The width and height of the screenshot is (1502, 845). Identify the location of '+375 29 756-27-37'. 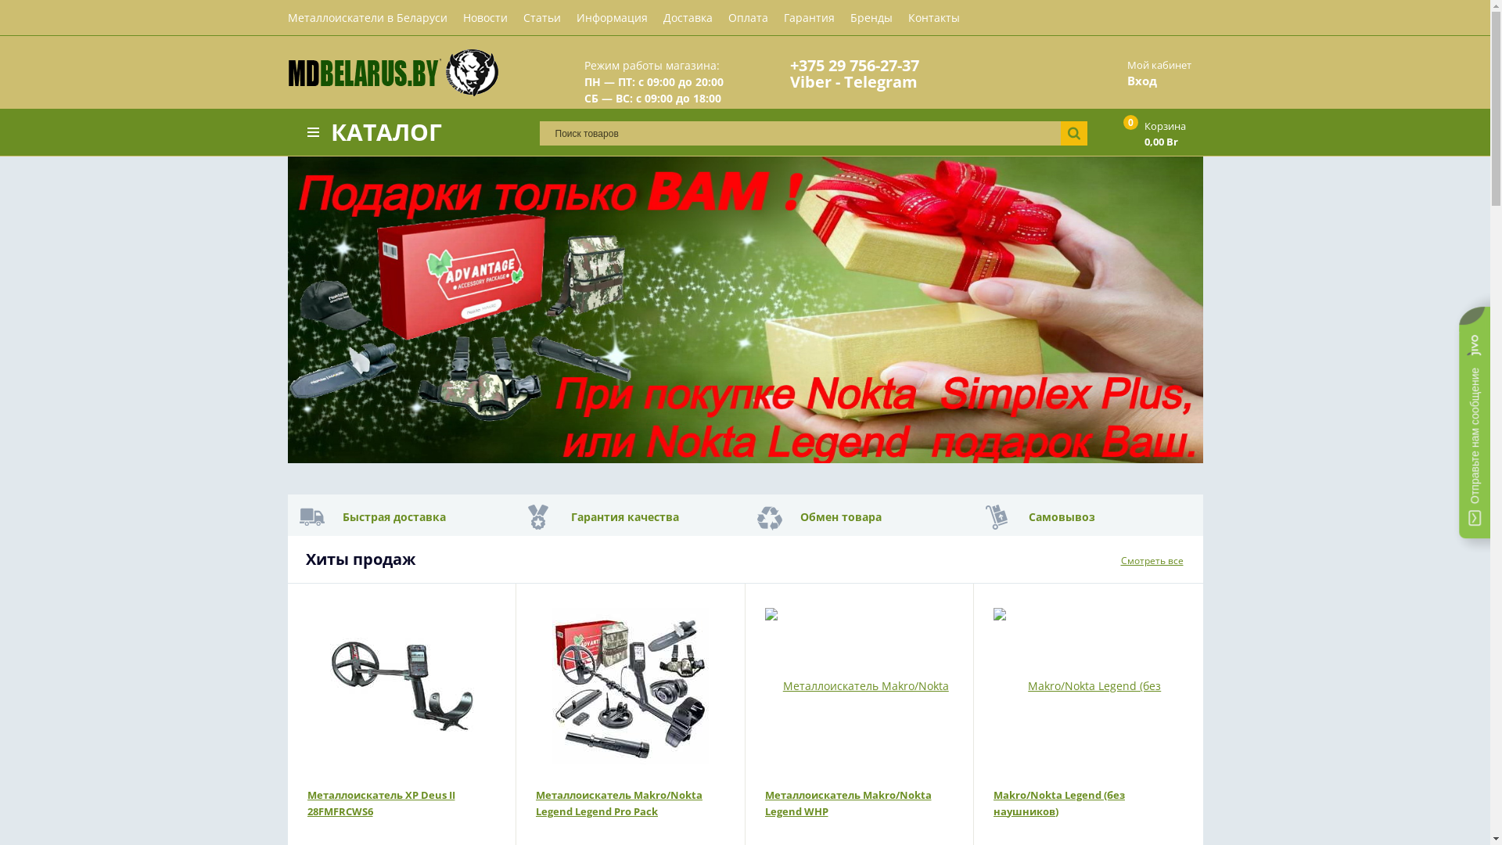
(853, 64).